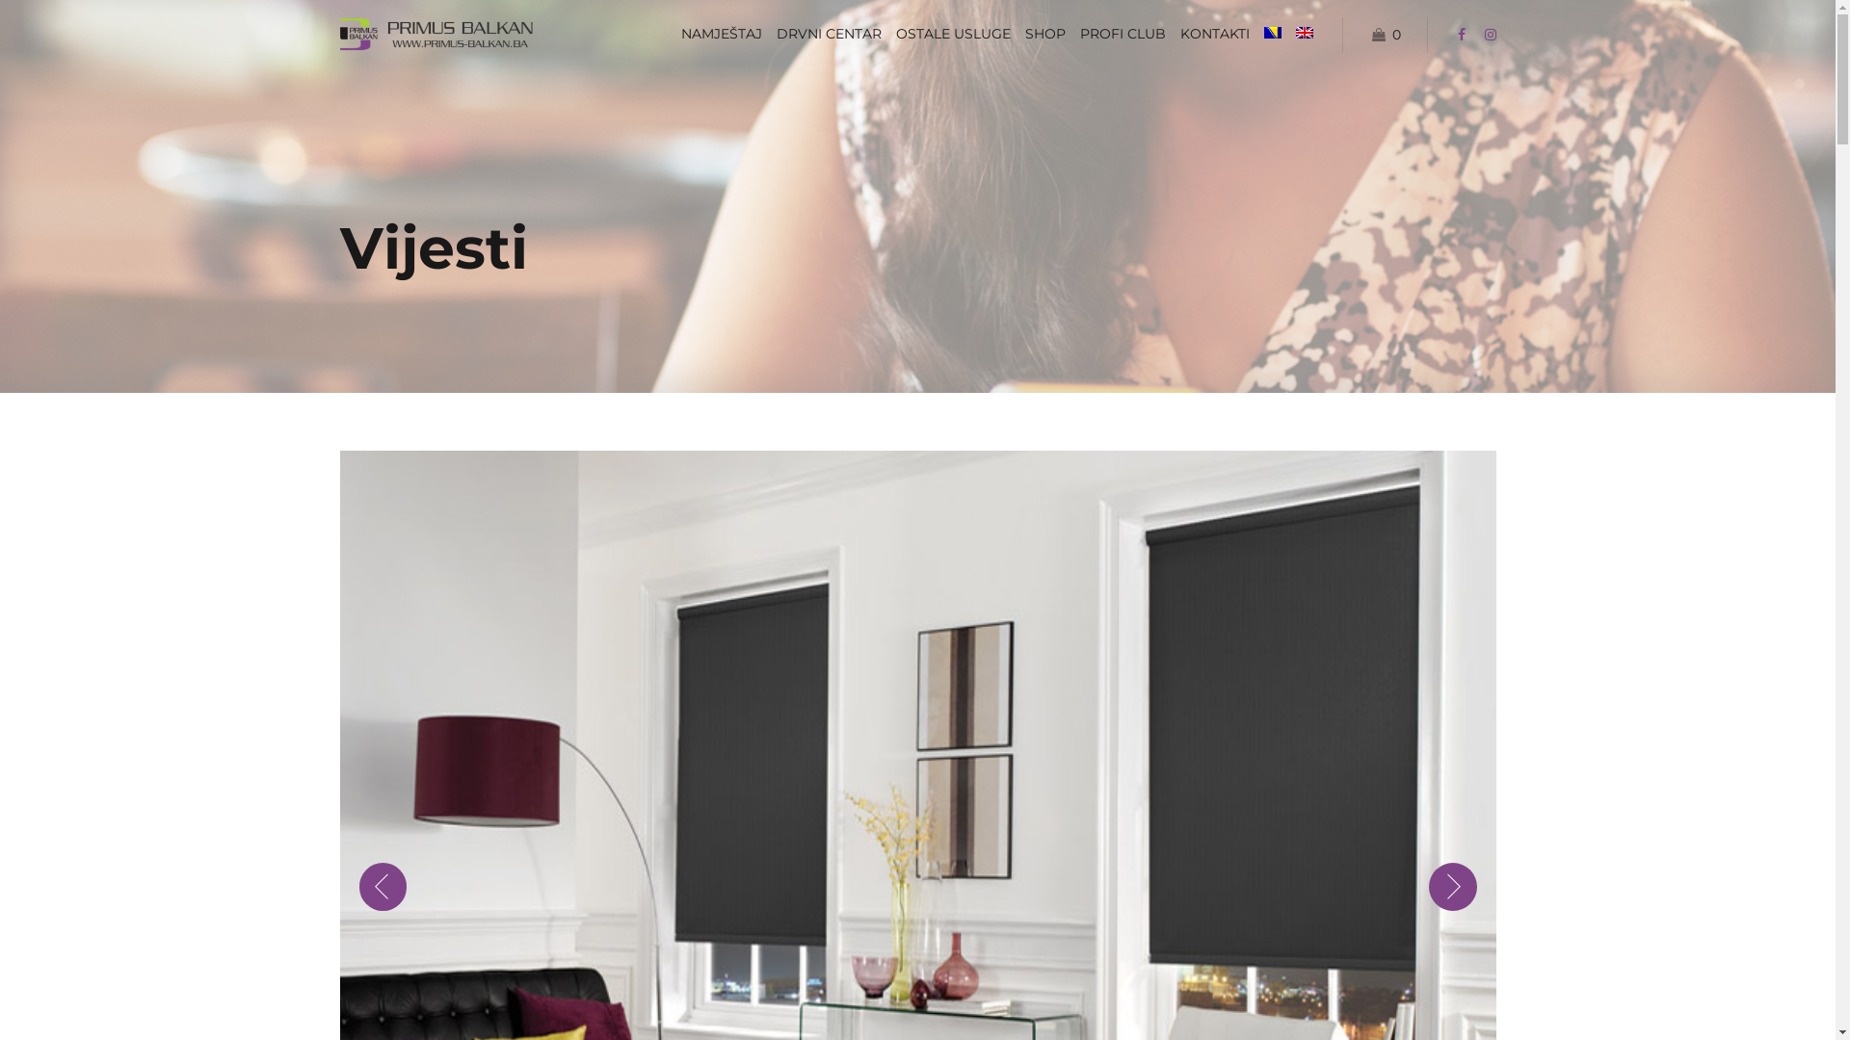  I want to click on 'OSTALE USLUGE', so click(953, 33).